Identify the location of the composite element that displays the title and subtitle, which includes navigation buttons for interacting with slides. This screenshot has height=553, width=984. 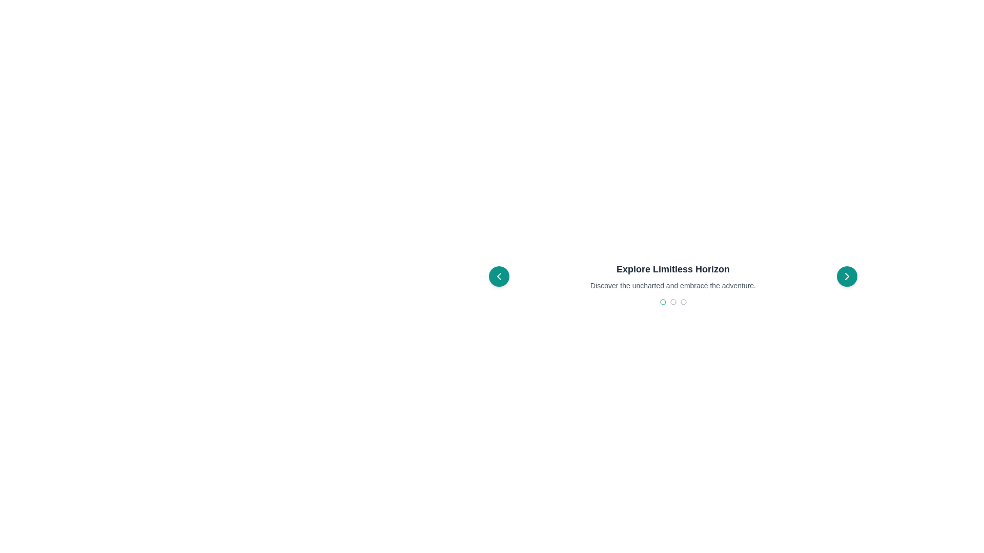
(673, 284).